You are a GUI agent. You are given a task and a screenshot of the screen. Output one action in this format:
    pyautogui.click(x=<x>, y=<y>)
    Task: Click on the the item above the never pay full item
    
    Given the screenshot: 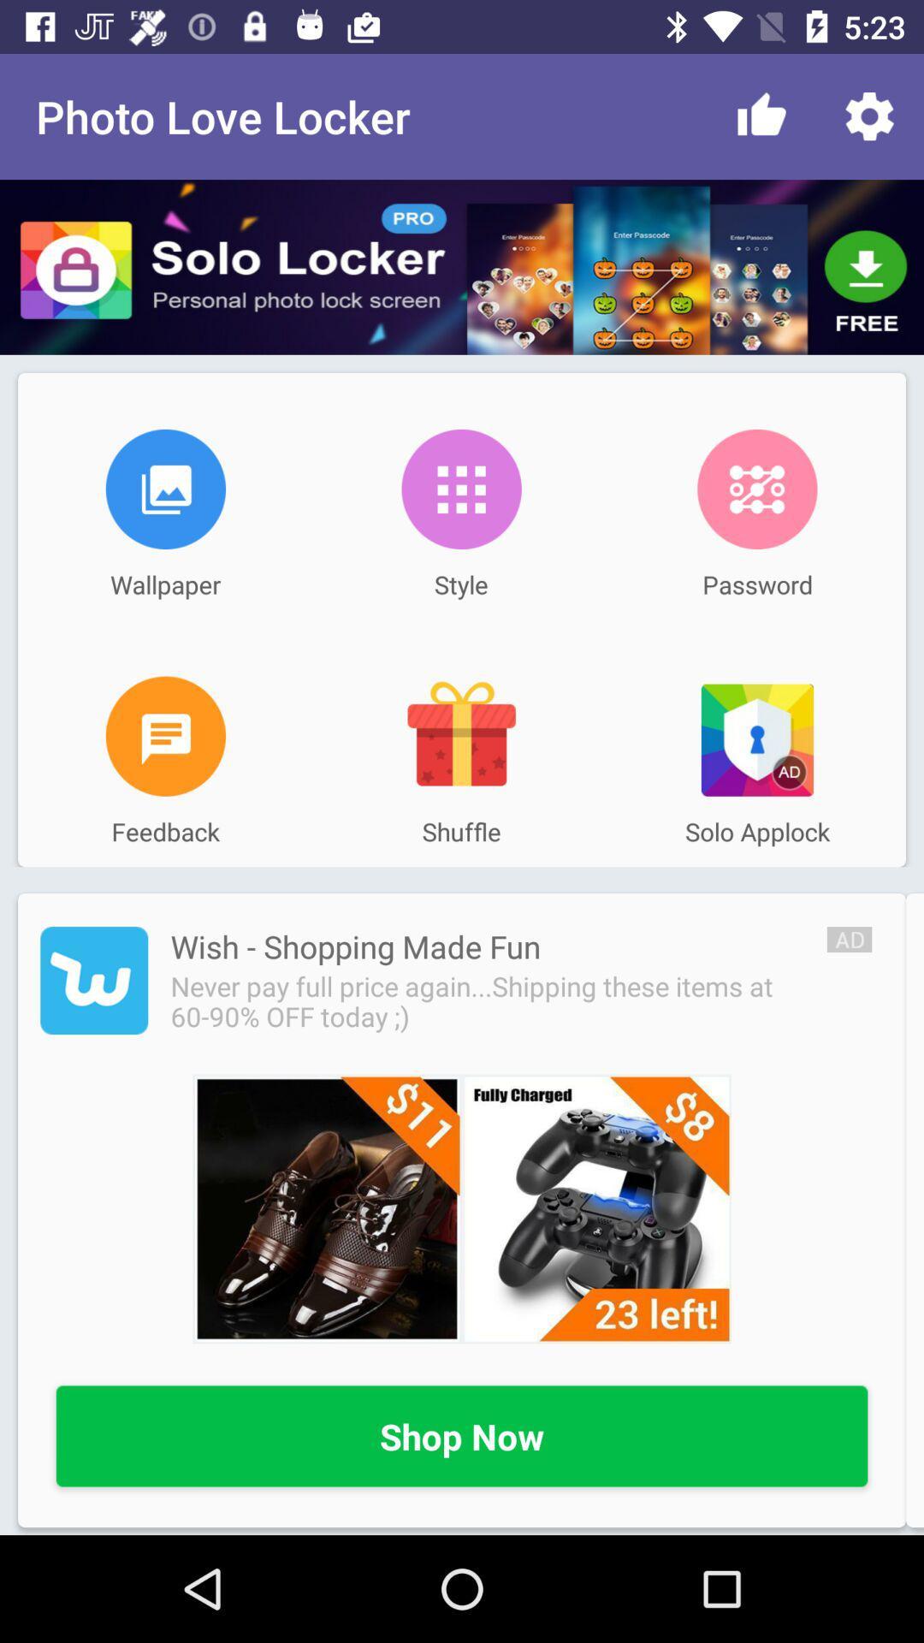 What is the action you would take?
    pyautogui.click(x=354, y=946)
    